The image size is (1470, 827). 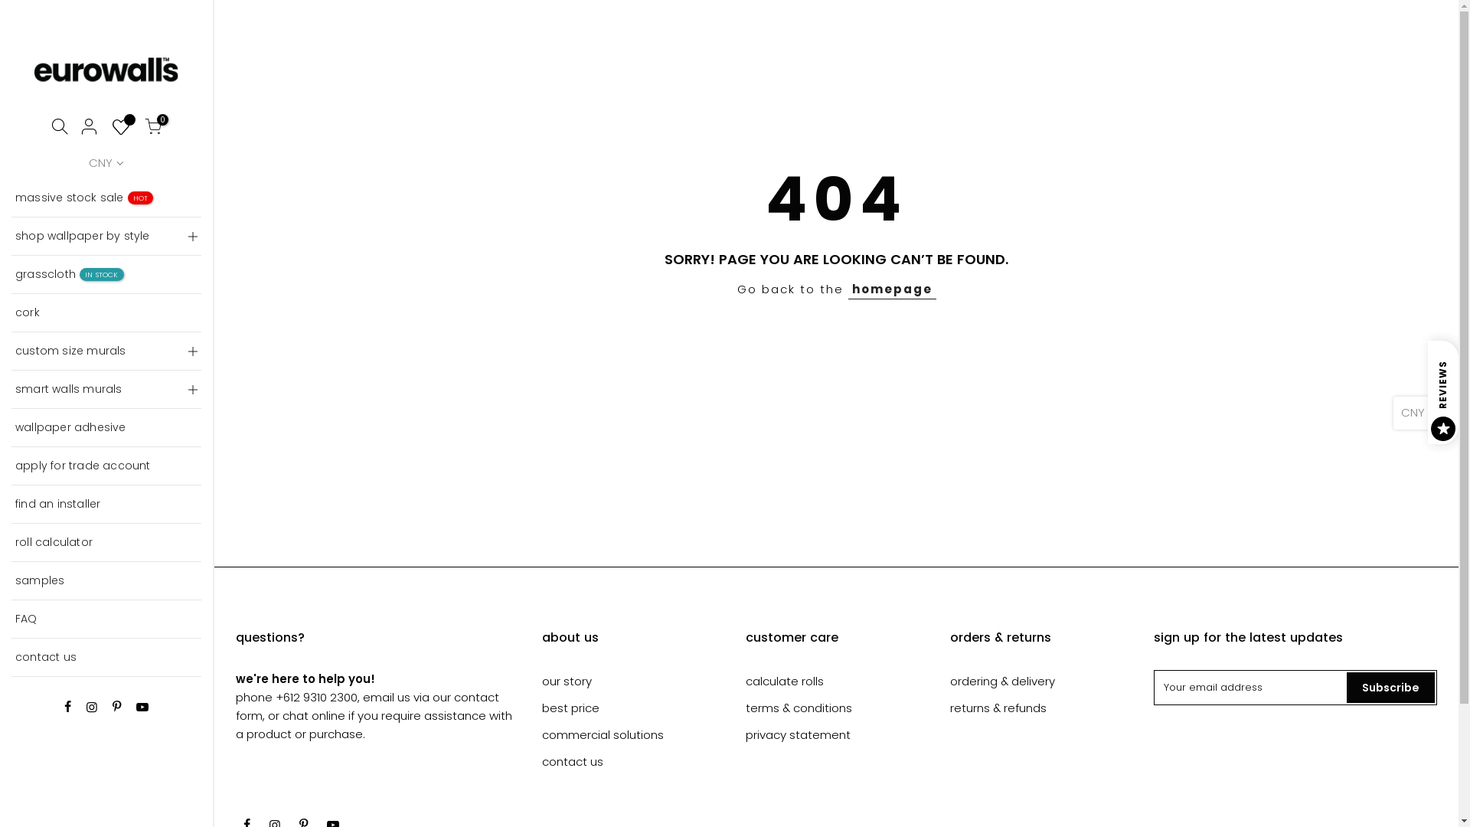 What do you see at coordinates (892, 289) in the screenshot?
I see `'homepage'` at bounding box center [892, 289].